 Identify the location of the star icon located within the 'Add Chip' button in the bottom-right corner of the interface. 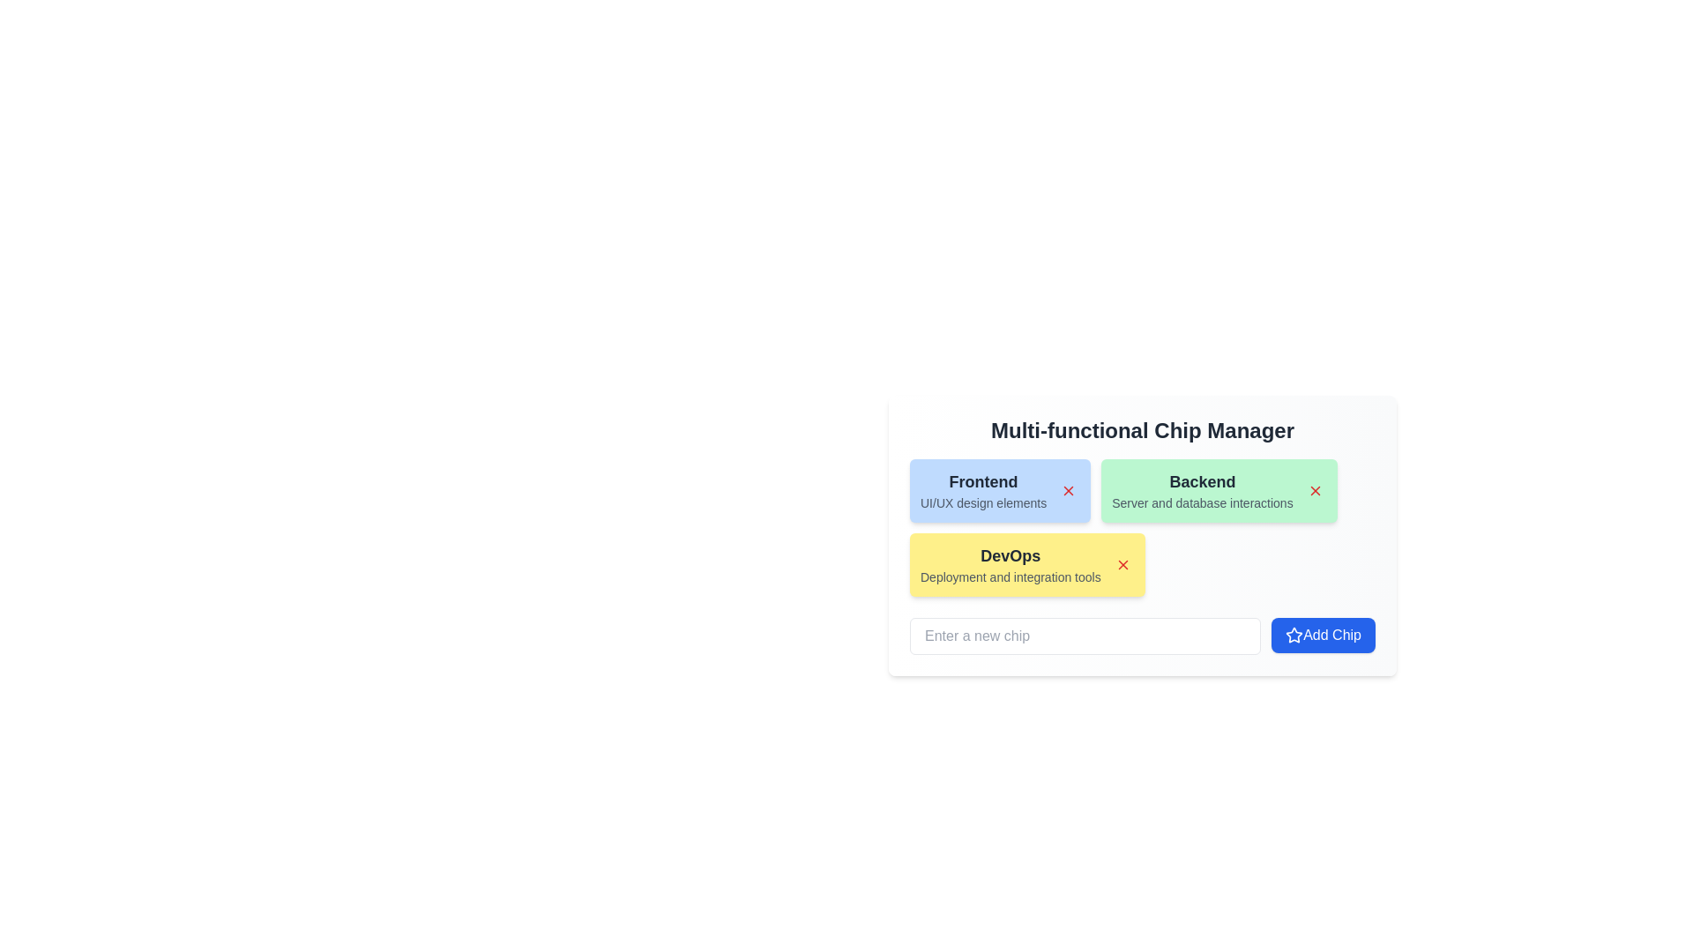
(1294, 635).